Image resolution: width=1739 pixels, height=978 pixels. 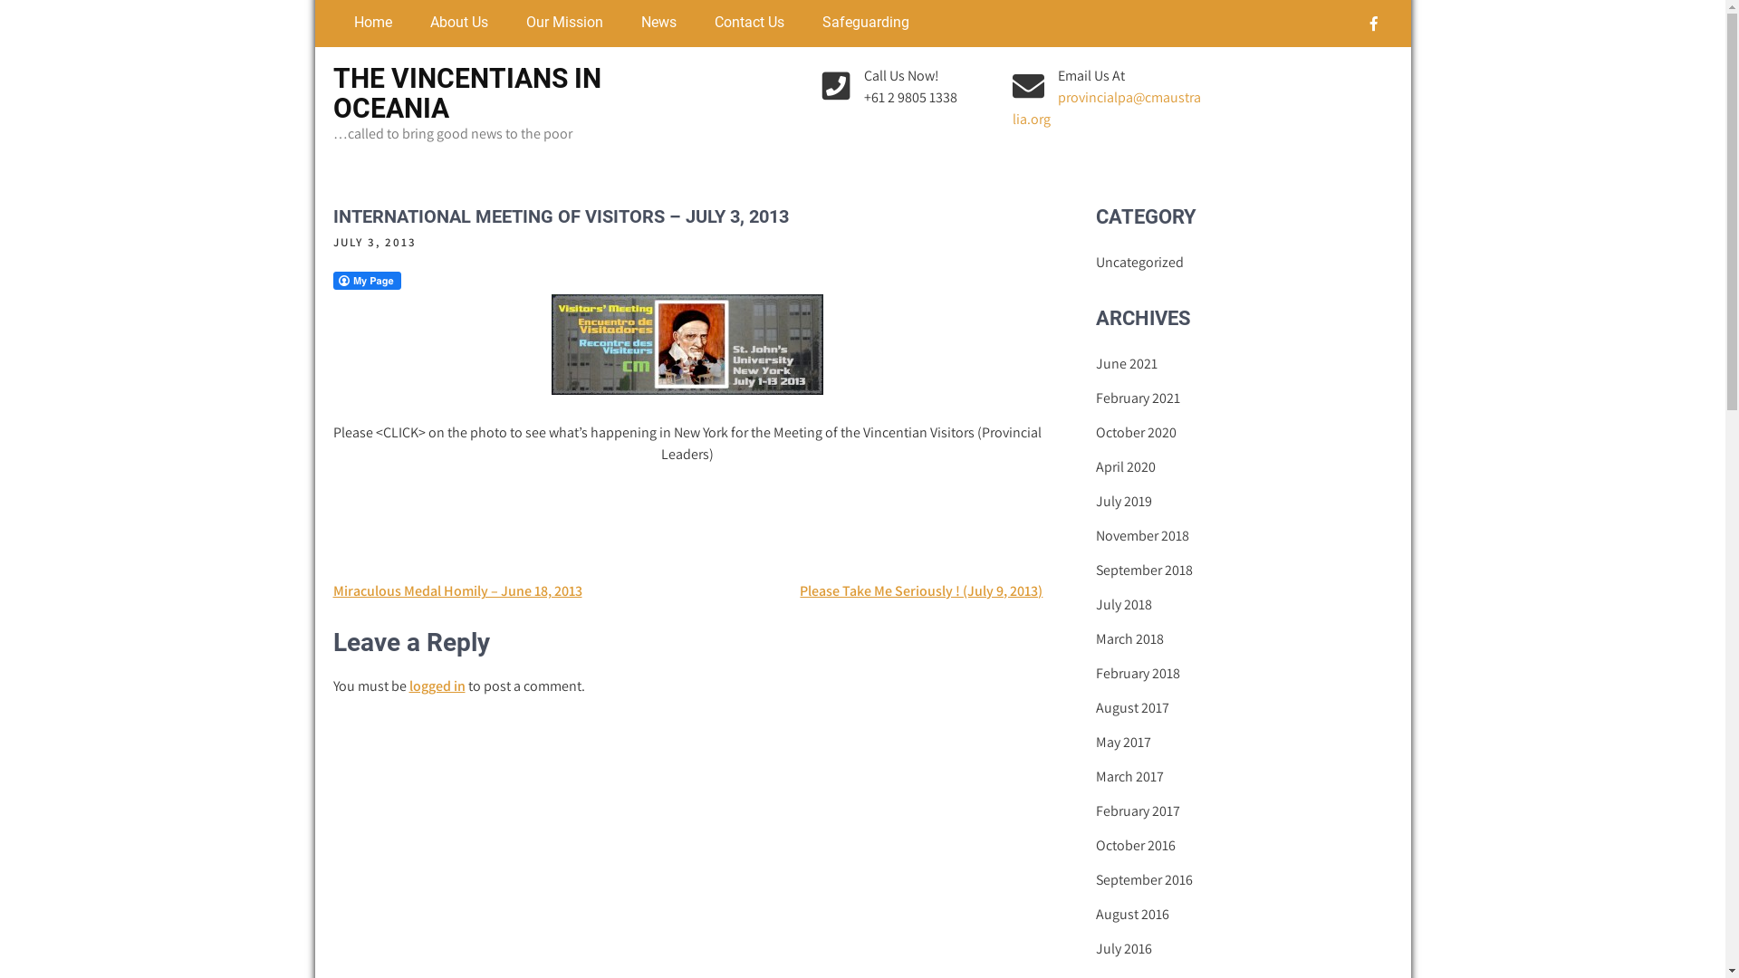 What do you see at coordinates (1131, 707) in the screenshot?
I see `'August 2017'` at bounding box center [1131, 707].